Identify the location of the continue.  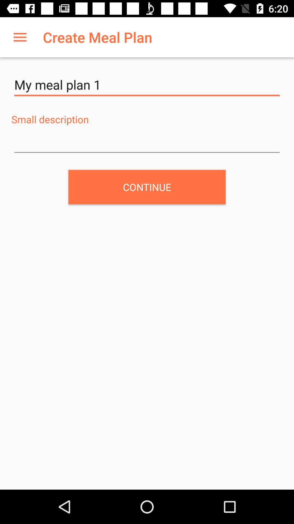
(147, 187).